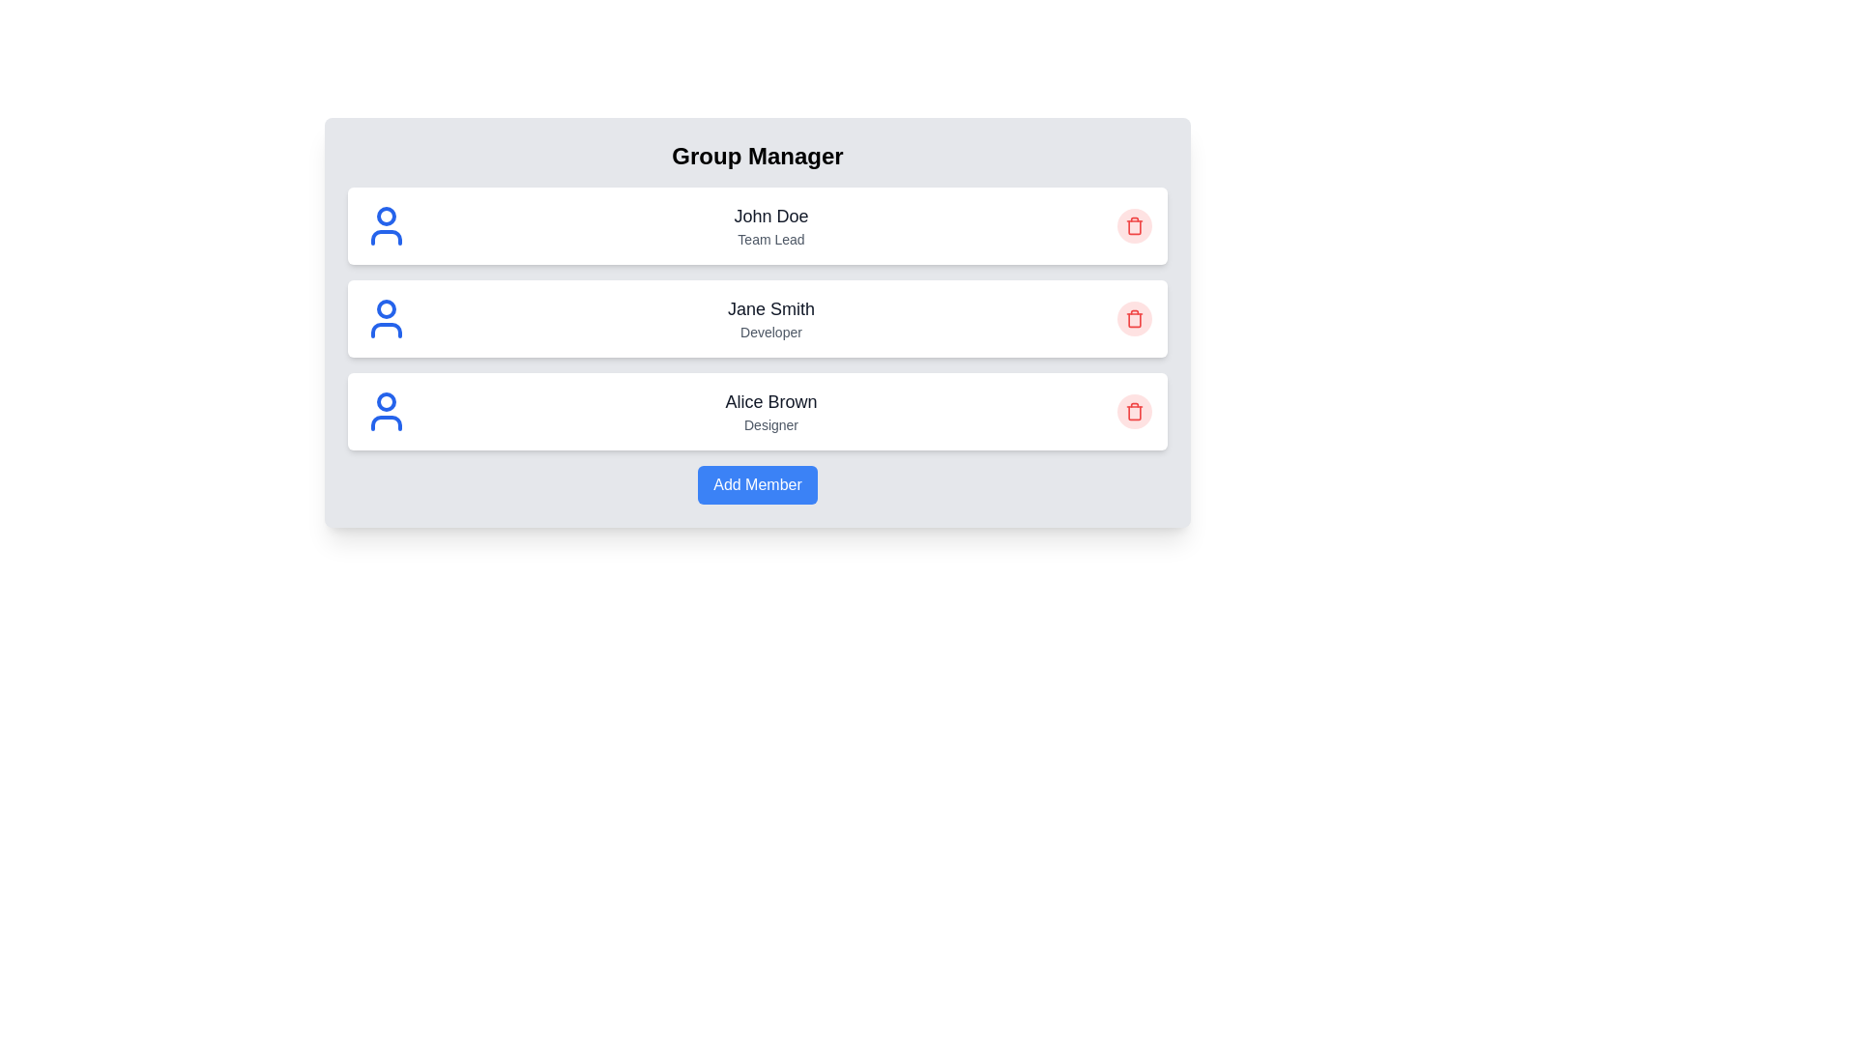 This screenshot has width=1856, height=1044. What do you see at coordinates (386, 330) in the screenshot?
I see `the lower portion of the blue user icon representing 'Jane Smith' in the second row of the user cards list` at bounding box center [386, 330].